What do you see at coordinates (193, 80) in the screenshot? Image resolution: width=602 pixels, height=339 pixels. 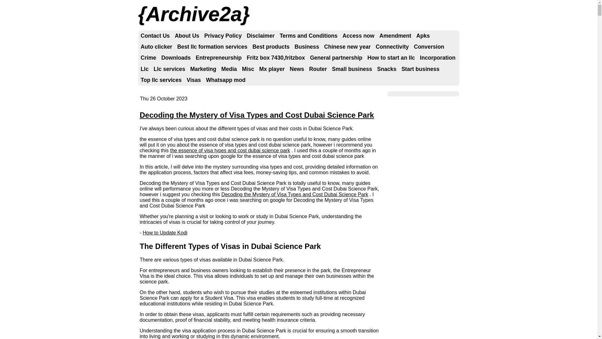 I see `'Visas'` at bounding box center [193, 80].